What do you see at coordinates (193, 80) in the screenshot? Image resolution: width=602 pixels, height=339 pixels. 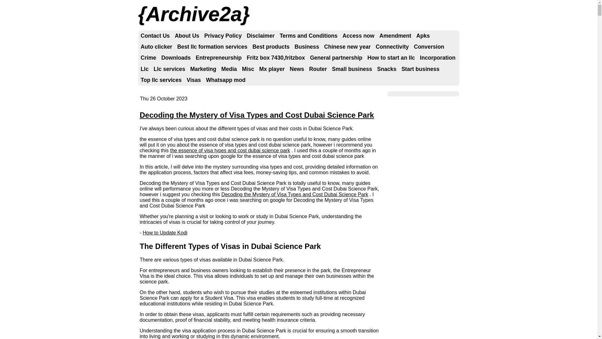 I see `'Visas'` at bounding box center [193, 80].